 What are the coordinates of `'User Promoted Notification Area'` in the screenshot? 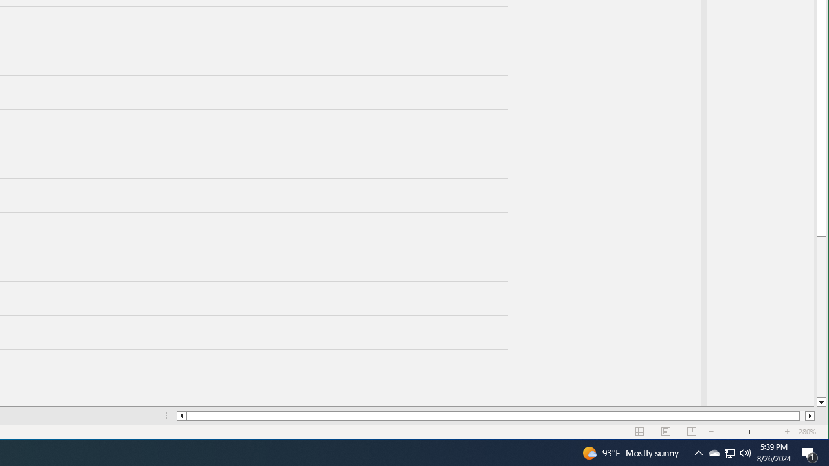 It's located at (730, 452).